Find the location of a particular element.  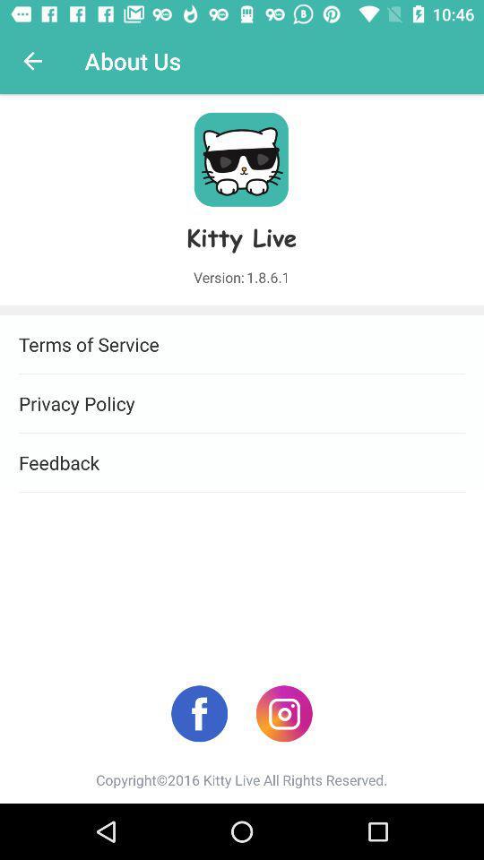

icon to the left of the about us is located at coordinates (32, 61).